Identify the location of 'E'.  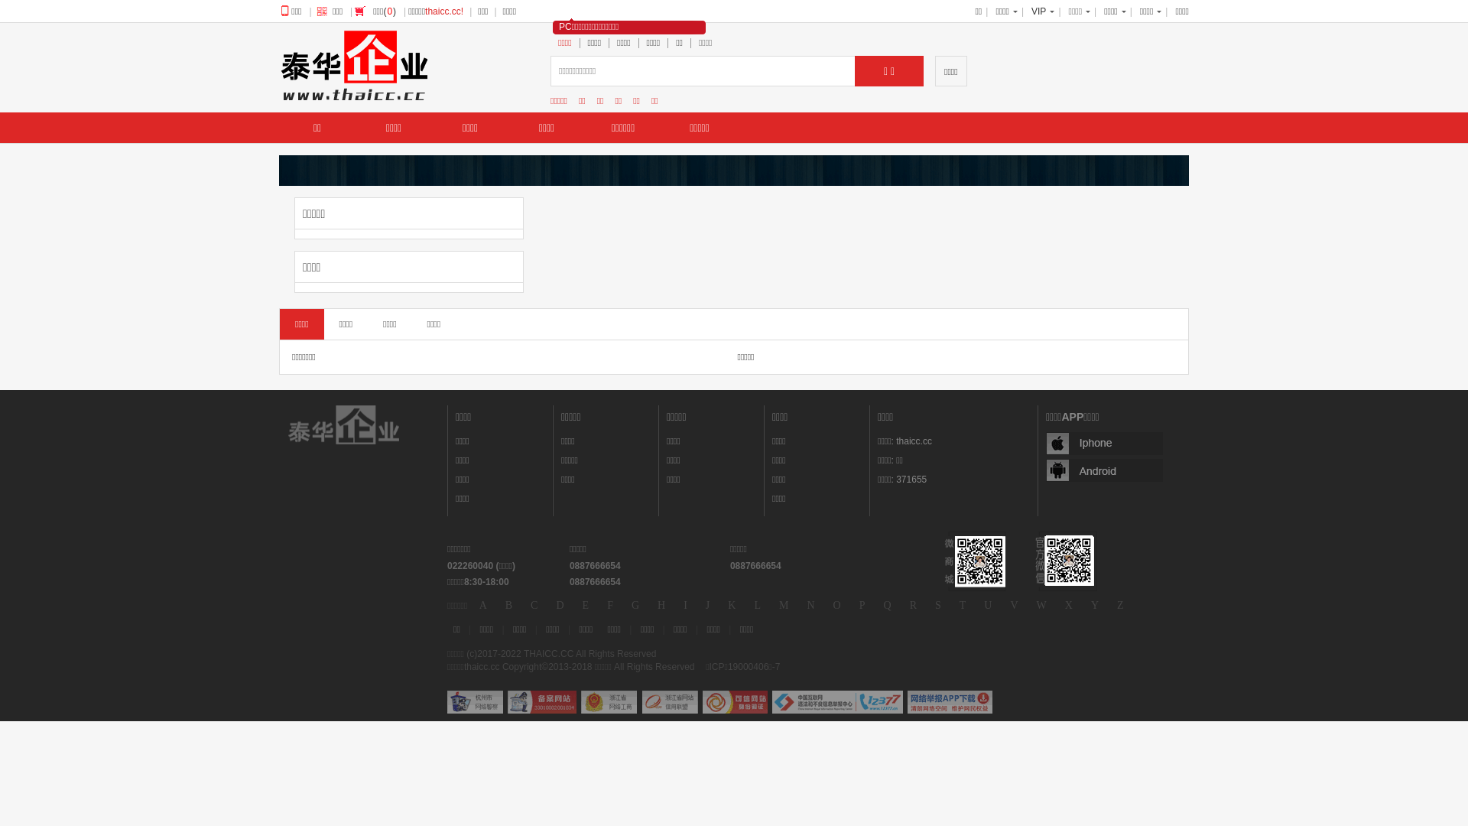
(576, 604).